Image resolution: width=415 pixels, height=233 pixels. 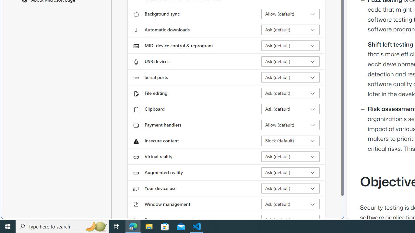 What do you see at coordinates (290, 125) in the screenshot?
I see `'Payment handlers Allow (default)'` at bounding box center [290, 125].